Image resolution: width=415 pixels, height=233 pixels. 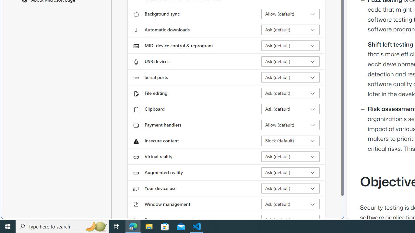 What do you see at coordinates (290, 125) in the screenshot?
I see `'Payment handlers Allow (default)'` at bounding box center [290, 125].